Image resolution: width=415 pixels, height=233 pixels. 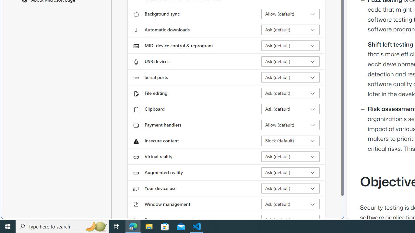 What do you see at coordinates (290, 125) in the screenshot?
I see `'Payment handlers Allow (default)'` at bounding box center [290, 125].